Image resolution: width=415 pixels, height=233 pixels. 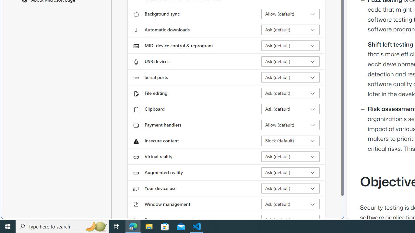 What do you see at coordinates (290, 125) in the screenshot?
I see `'Payment handlers Allow (default)'` at bounding box center [290, 125].